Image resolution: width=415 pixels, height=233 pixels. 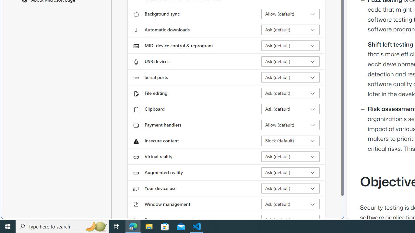 What do you see at coordinates (290, 125) in the screenshot?
I see `'Payment handlers Allow (default)'` at bounding box center [290, 125].